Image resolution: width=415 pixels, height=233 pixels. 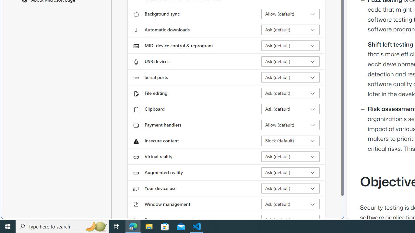 What do you see at coordinates (290, 125) in the screenshot?
I see `'Payment handlers Allow (default)'` at bounding box center [290, 125].